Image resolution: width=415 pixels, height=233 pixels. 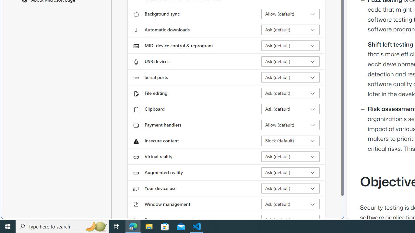 What do you see at coordinates (290, 125) in the screenshot?
I see `'Payment handlers Allow (default)'` at bounding box center [290, 125].